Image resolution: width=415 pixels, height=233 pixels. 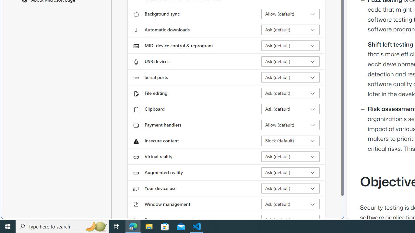 What do you see at coordinates (290, 125) in the screenshot?
I see `'Payment handlers Allow (default)'` at bounding box center [290, 125].